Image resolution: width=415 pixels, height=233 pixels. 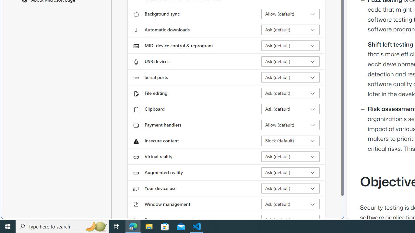 What do you see at coordinates (290, 125) in the screenshot?
I see `'Payment handlers Allow (default)'` at bounding box center [290, 125].